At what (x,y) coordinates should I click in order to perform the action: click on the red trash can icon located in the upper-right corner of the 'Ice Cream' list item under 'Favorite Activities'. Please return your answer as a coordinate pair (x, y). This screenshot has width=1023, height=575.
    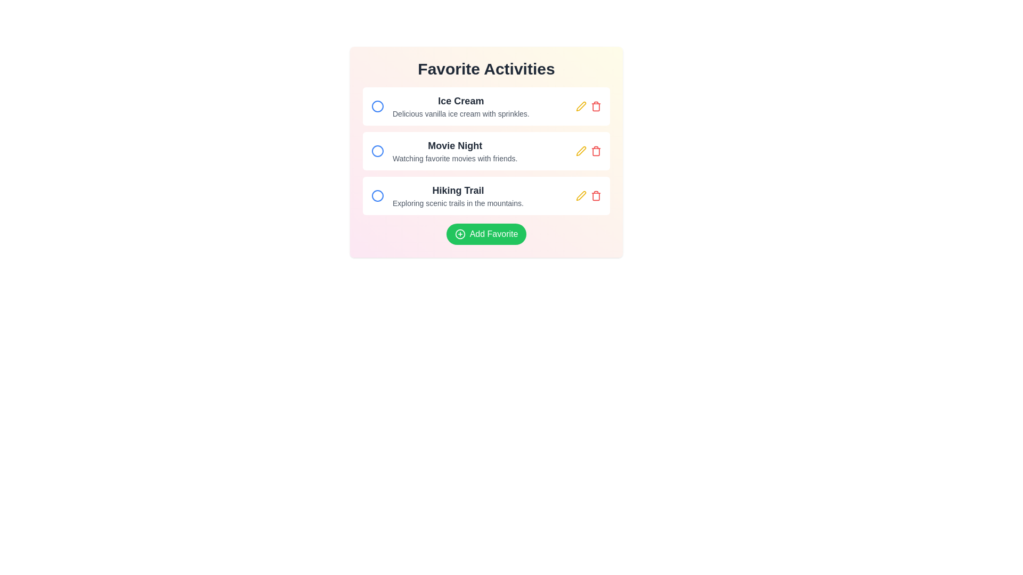
    Looking at the image, I should click on (595, 106).